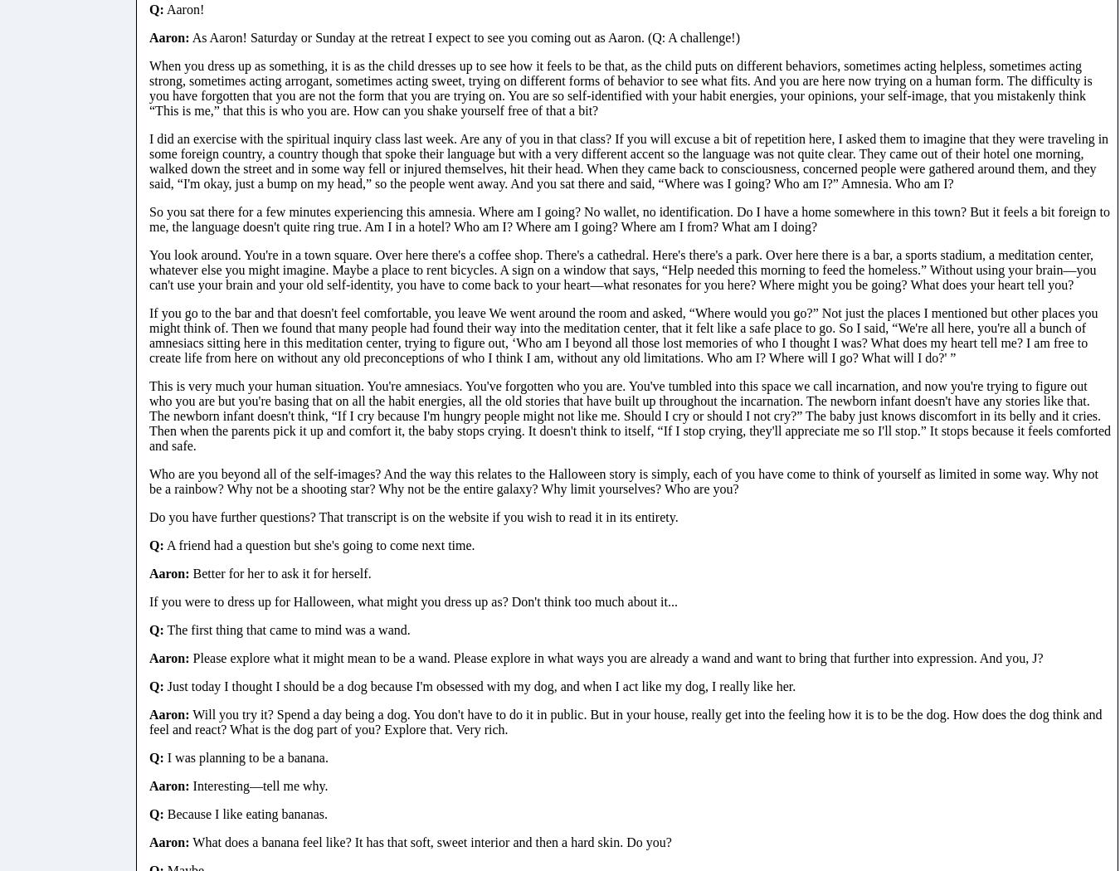 Image resolution: width=1120 pixels, height=871 pixels. Describe the element at coordinates (149, 269) in the screenshot. I see `'You look around. You're in a town square. Over here there's a coffee shop. There's a cathedral. Here's there's a park. Over here there is a bar, a sports stadium, a meditation center, whatever else you might imagine. Maybe a place to rent bicycles. A sign on a window that says, “Help needed this morning to feed the homeless.” Without using your brain—you can't use your brain and your old self-identity, you have to come back to your heart—what resonates for you here? Where might you be going? What does your heart tell you?'` at that location.